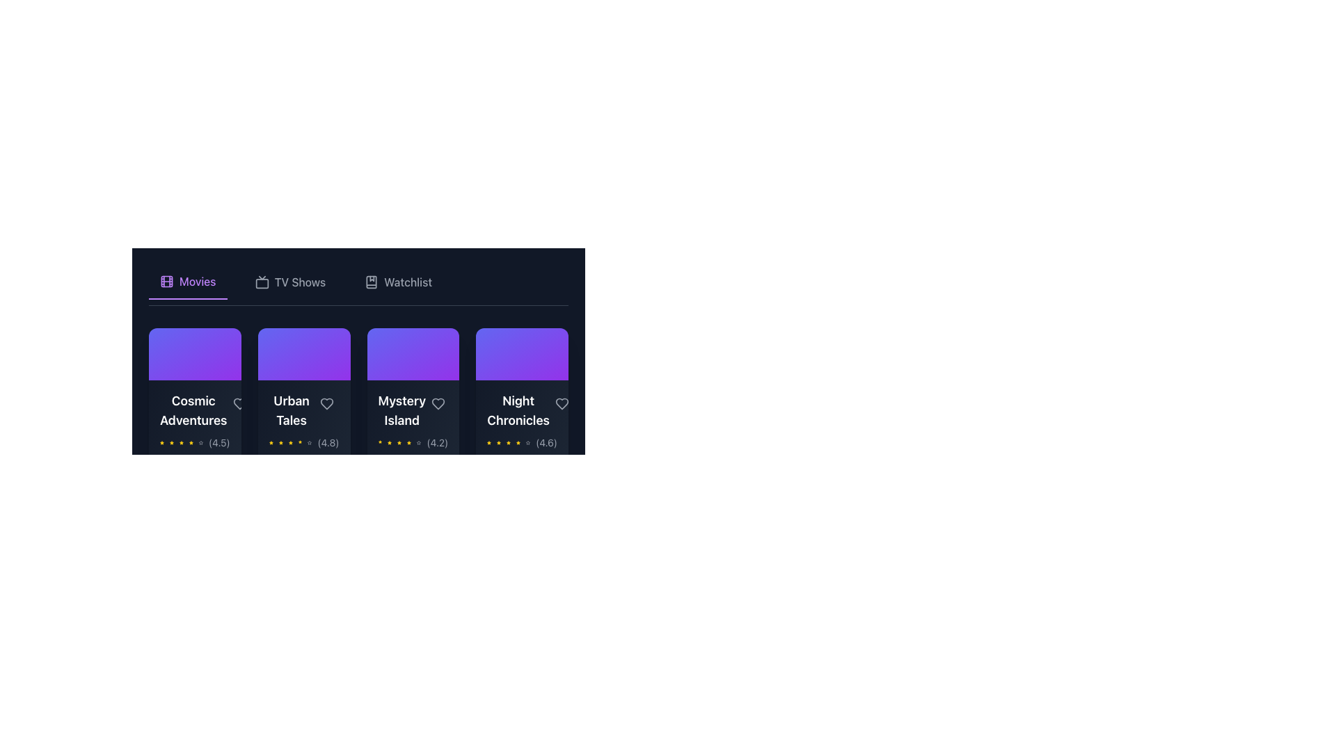 Image resolution: width=1336 pixels, height=751 pixels. What do you see at coordinates (262, 283) in the screenshot?
I see `the inner rectangular section of the 'TV' icon in the navigation bar, which is a structural decorative rectangle with rounded edges` at bounding box center [262, 283].